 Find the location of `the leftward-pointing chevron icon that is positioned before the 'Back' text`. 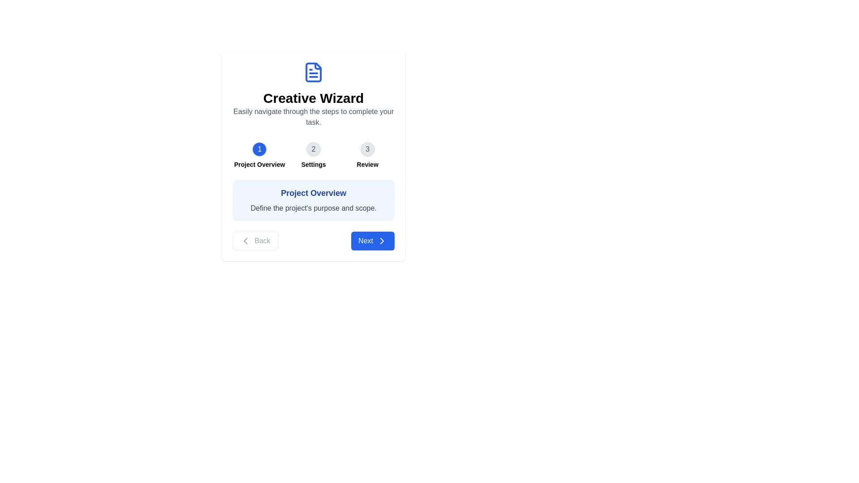

the leftward-pointing chevron icon that is positioned before the 'Back' text is located at coordinates (245, 241).